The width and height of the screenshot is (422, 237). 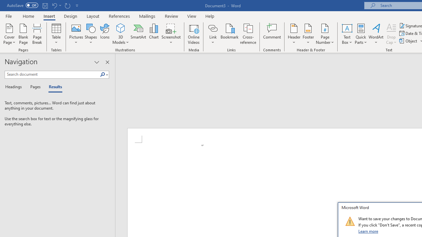 What do you see at coordinates (368, 231) in the screenshot?
I see `'Learn more'` at bounding box center [368, 231].